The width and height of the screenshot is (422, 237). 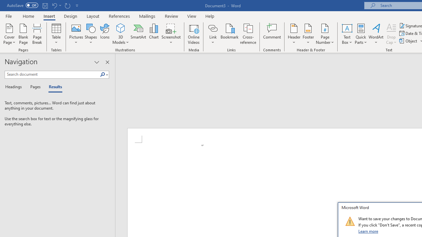 What do you see at coordinates (368, 231) in the screenshot?
I see `'Learn more'` at bounding box center [368, 231].